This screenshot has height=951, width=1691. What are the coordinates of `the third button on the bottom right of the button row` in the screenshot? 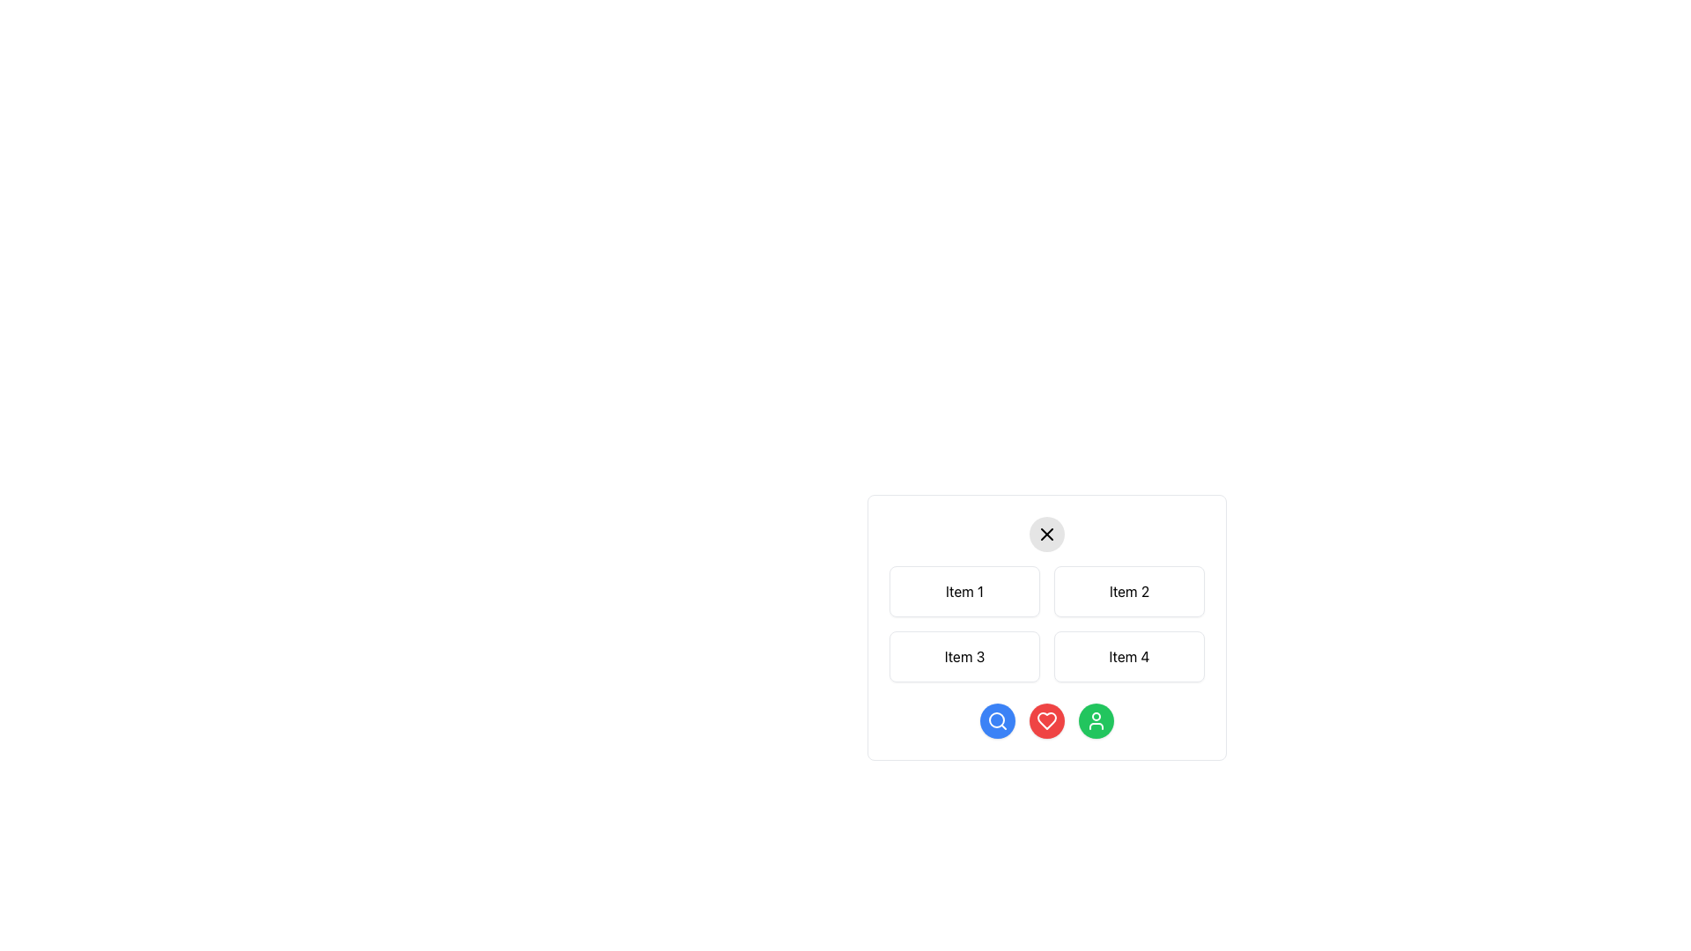 It's located at (1095, 720).